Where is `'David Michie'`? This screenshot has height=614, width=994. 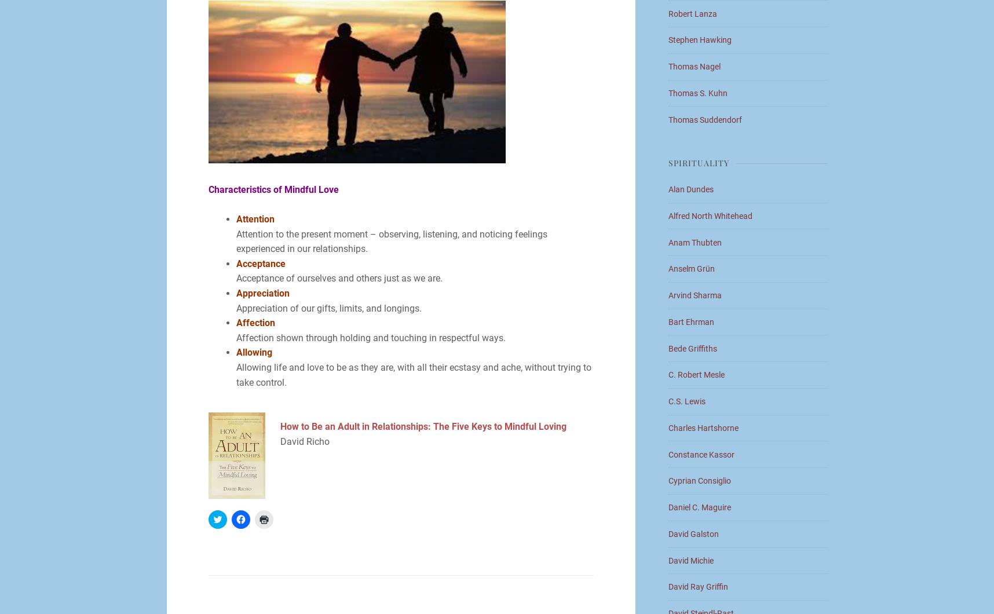 'David Michie' is located at coordinates (668, 560).